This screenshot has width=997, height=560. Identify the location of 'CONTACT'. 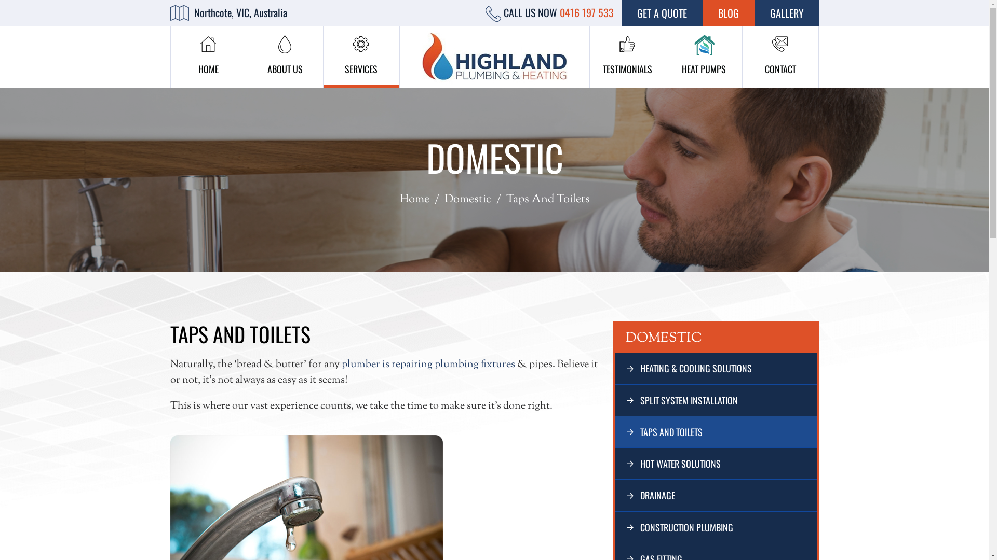
(780, 57).